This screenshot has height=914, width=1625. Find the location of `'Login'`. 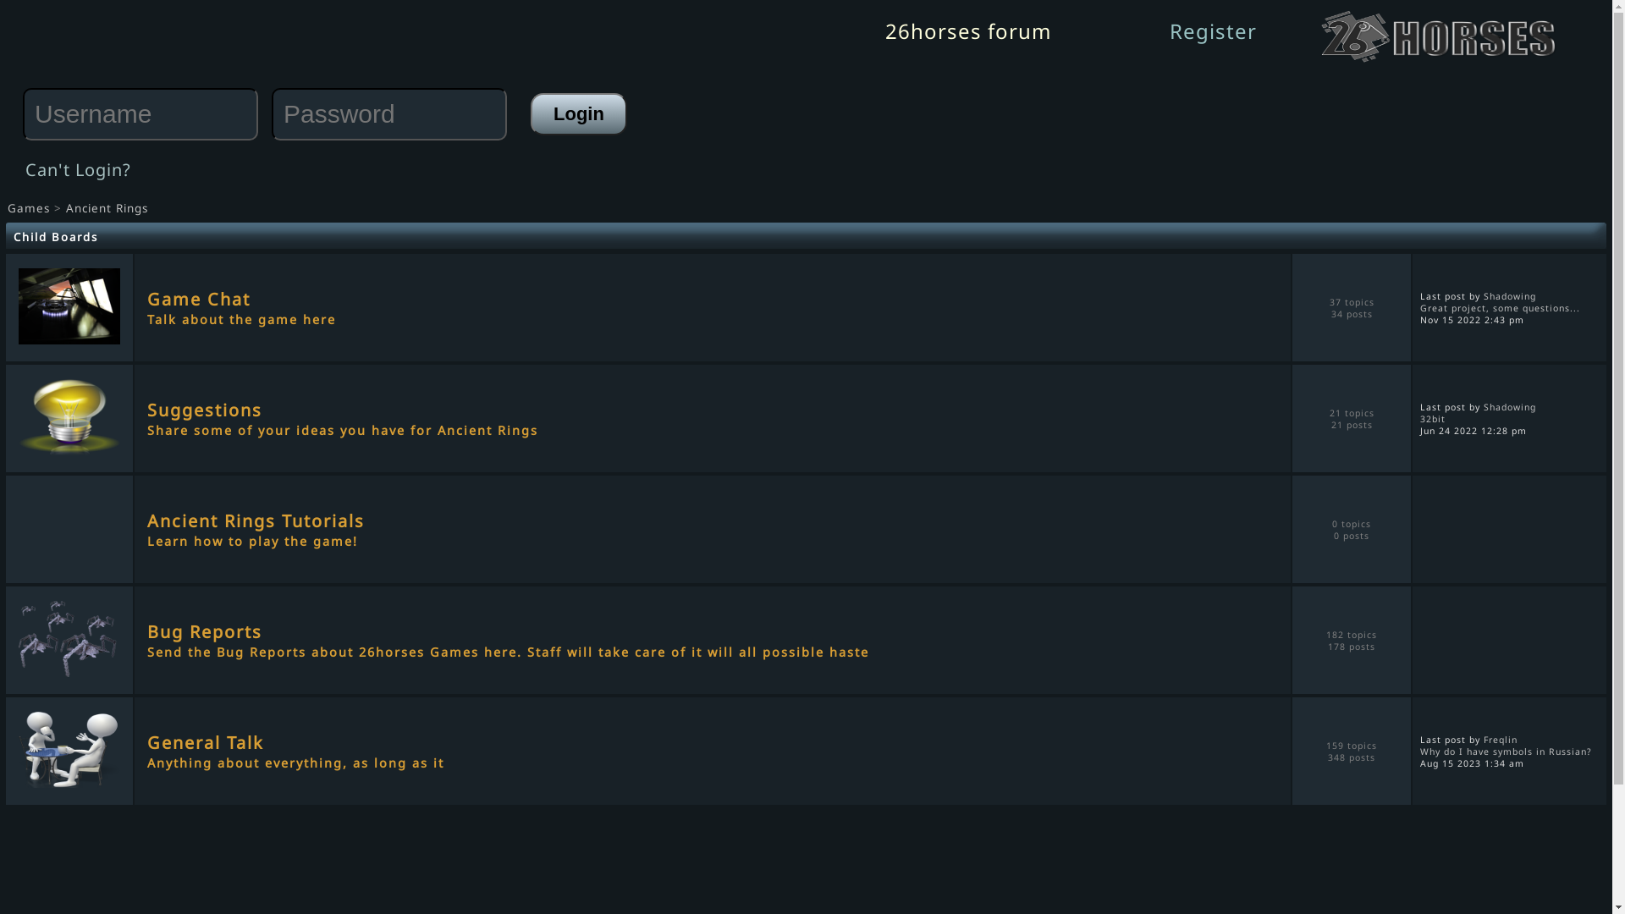

'Login' is located at coordinates (578, 114).